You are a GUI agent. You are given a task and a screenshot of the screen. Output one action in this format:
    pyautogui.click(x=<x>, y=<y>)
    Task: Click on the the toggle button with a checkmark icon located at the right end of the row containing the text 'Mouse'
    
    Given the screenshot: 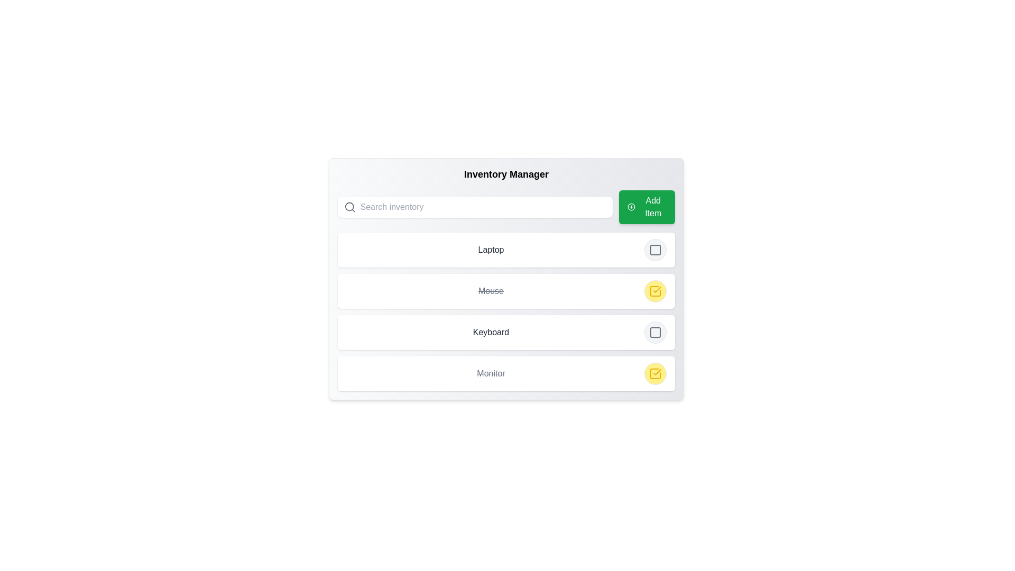 What is the action you would take?
    pyautogui.click(x=654, y=291)
    